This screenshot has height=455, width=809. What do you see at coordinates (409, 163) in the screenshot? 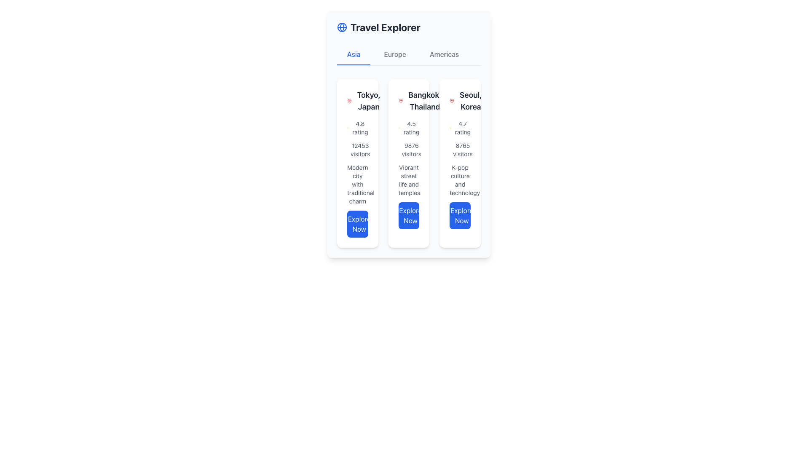
I see `textual information presented in the Card component advertising Bangkok, Thailand, which is the second panel in the grid layout of the Travel Explorer interface` at bounding box center [409, 163].